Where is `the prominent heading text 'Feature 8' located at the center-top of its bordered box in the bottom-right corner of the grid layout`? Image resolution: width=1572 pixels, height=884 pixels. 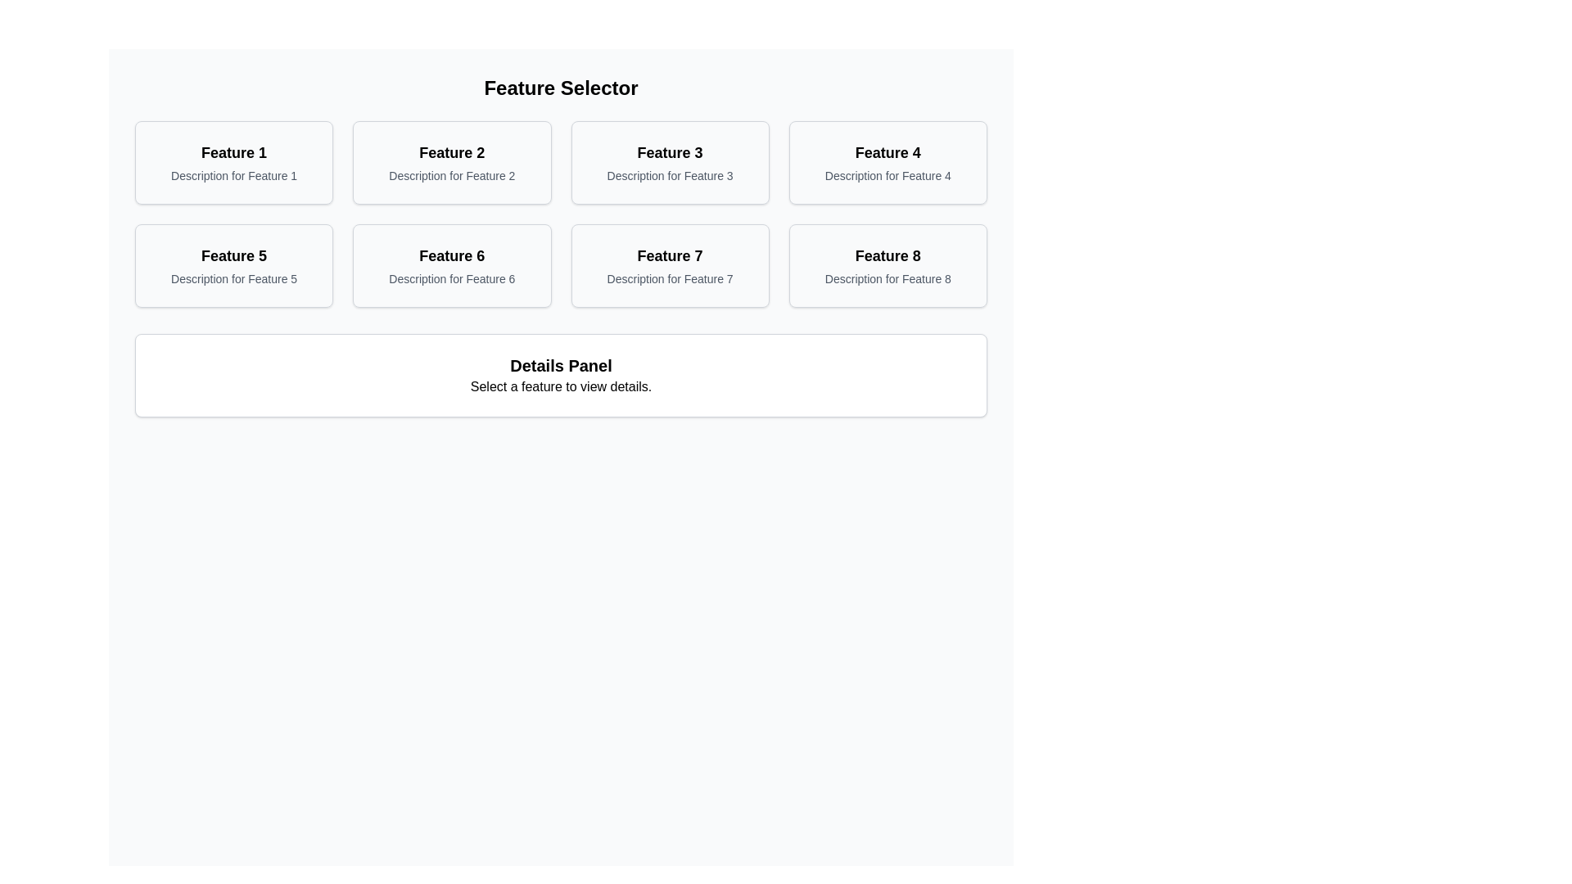 the prominent heading text 'Feature 8' located at the center-top of its bordered box in the bottom-right corner of the grid layout is located at coordinates (887, 255).